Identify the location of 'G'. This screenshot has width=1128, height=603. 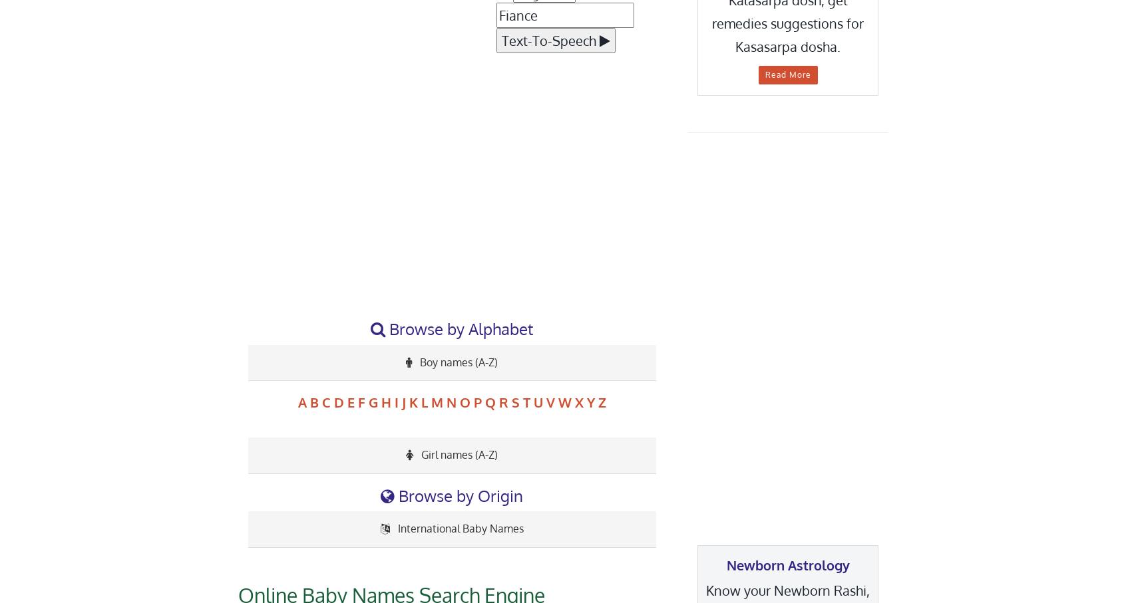
(373, 401).